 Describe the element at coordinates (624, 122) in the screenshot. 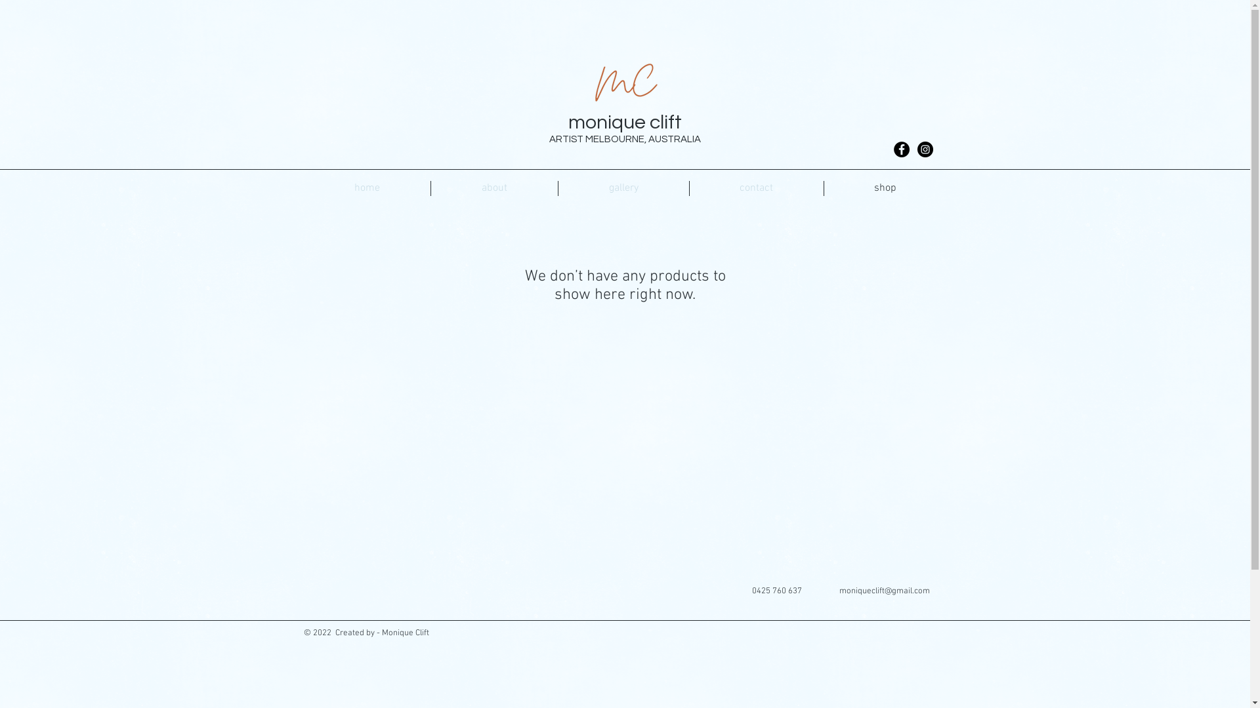

I see `'monique clift'` at that location.